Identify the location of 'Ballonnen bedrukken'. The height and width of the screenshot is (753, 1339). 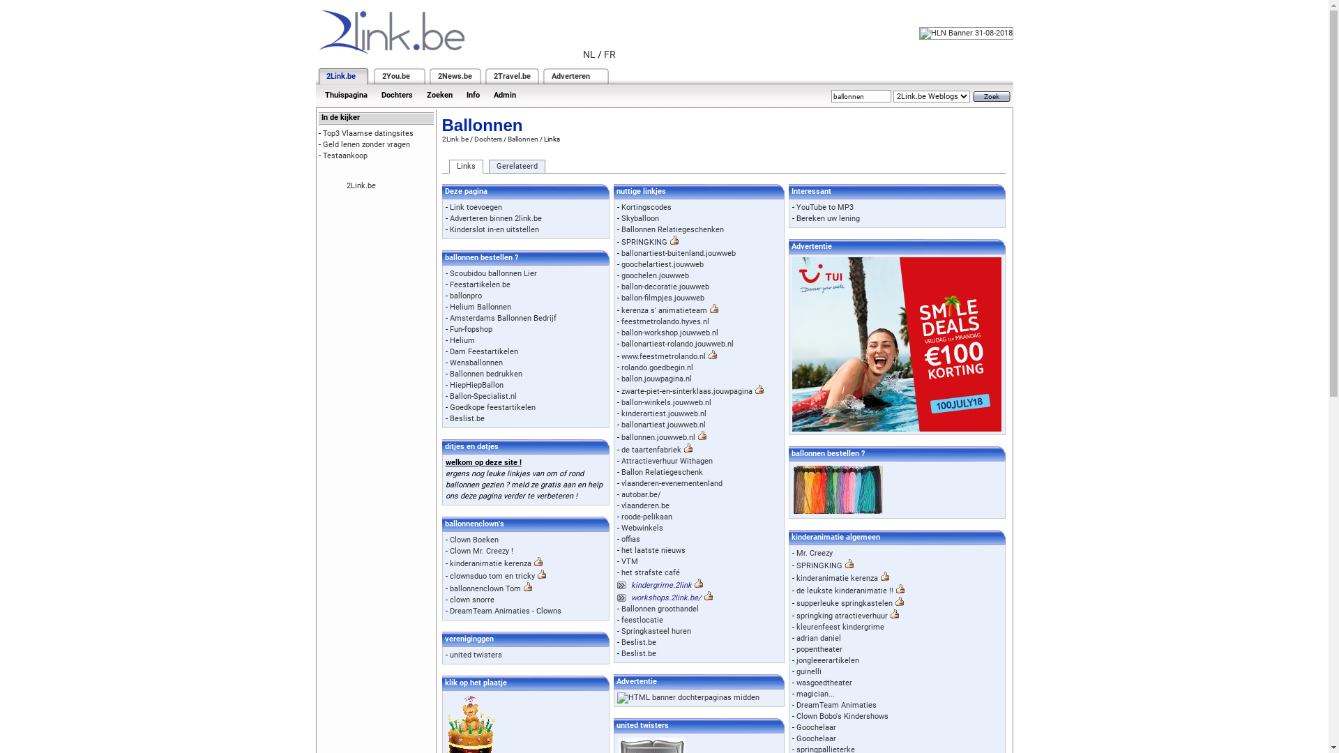
(448, 373).